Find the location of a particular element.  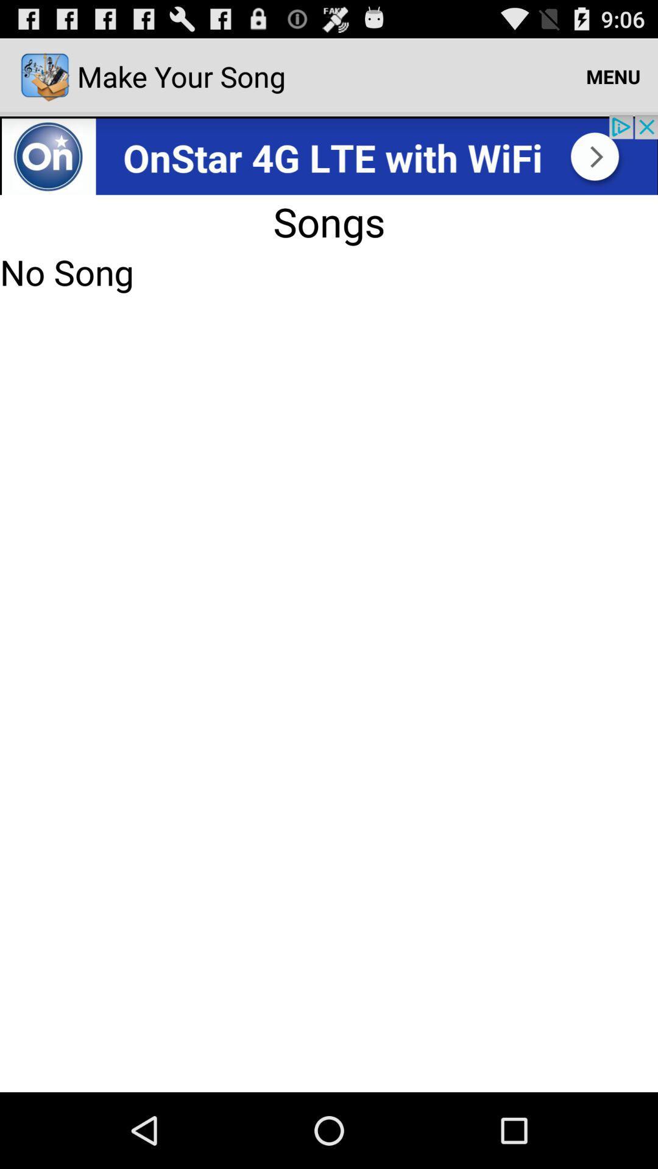

advertisement is located at coordinates (329, 154).